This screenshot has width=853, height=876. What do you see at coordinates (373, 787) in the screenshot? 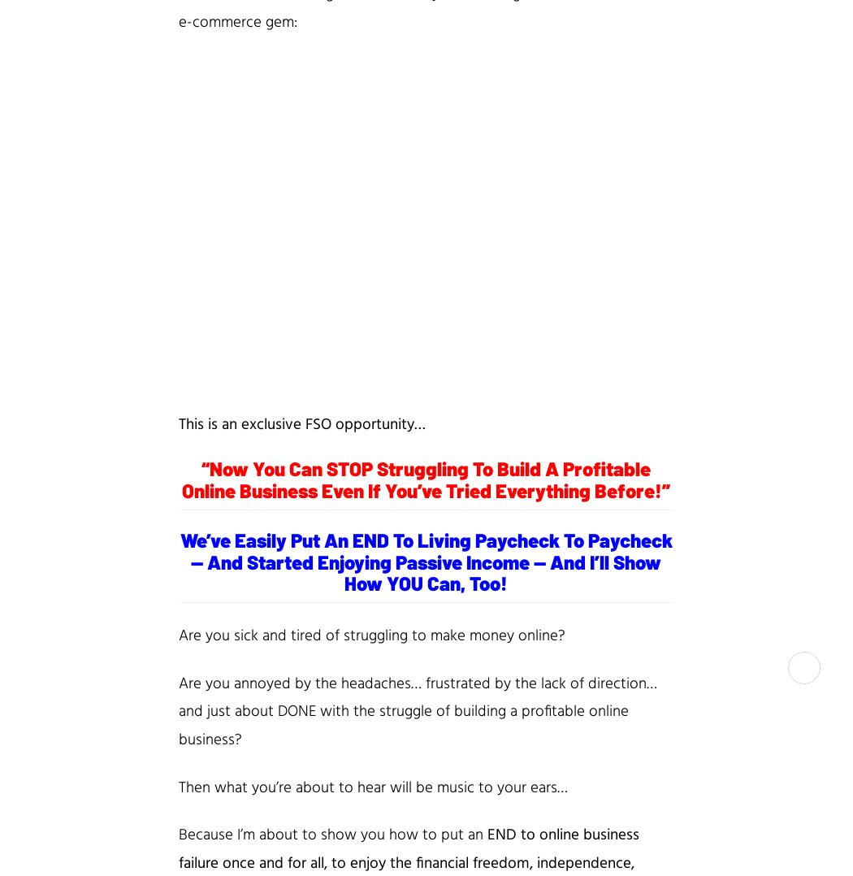
I see `'Then what you’re about to hear will be music to your ears…'` at bounding box center [373, 787].